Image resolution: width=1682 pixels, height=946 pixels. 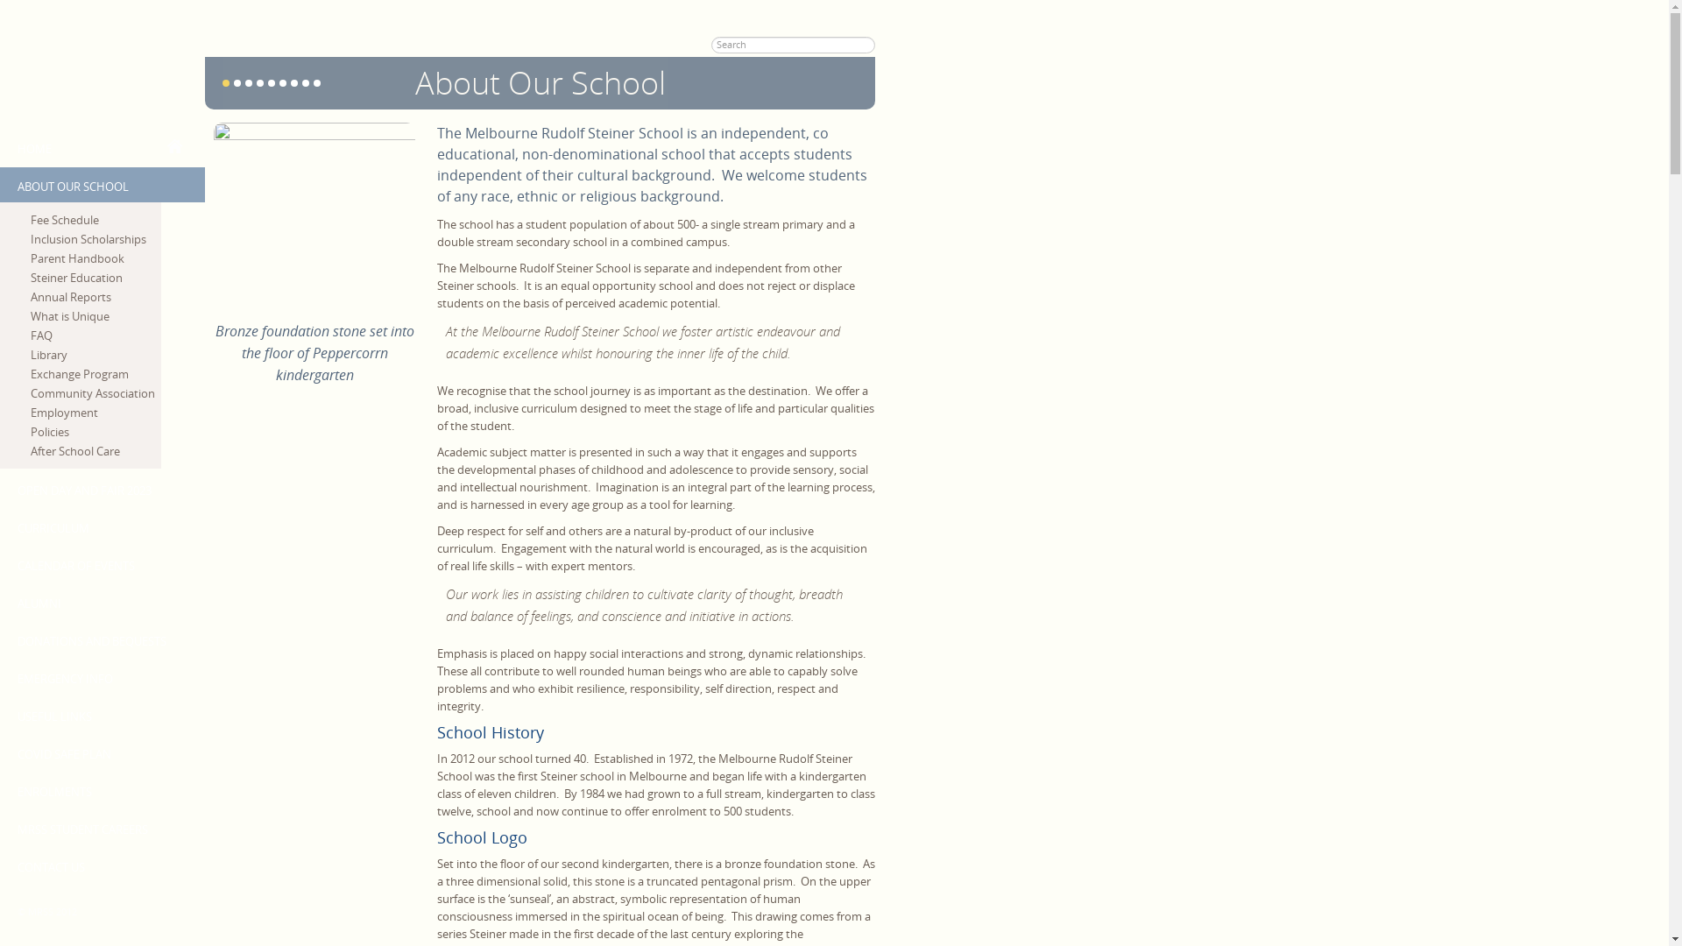 What do you see at coordinates (30, 450) in the screenshot?
I see `'After School Care'` at bounding box center [30, 450].